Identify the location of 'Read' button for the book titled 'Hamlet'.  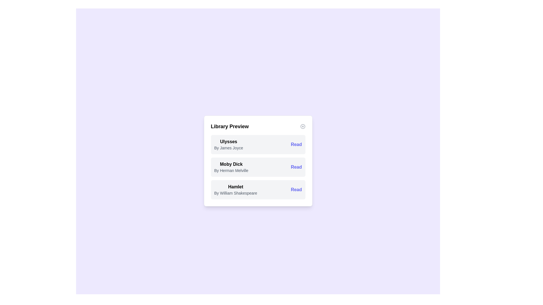
(296, 189).